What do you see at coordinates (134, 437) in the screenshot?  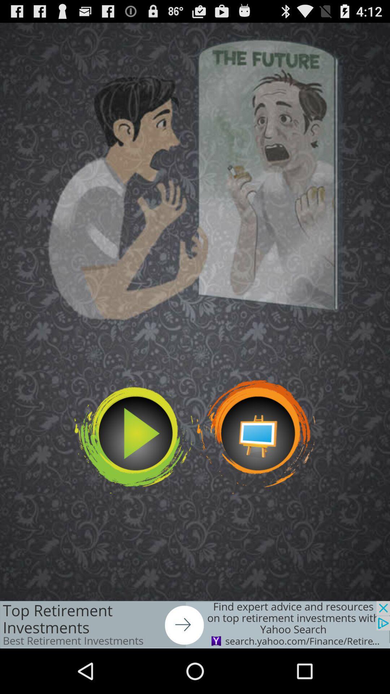 I see `the video` at bounding box center [134, 437].